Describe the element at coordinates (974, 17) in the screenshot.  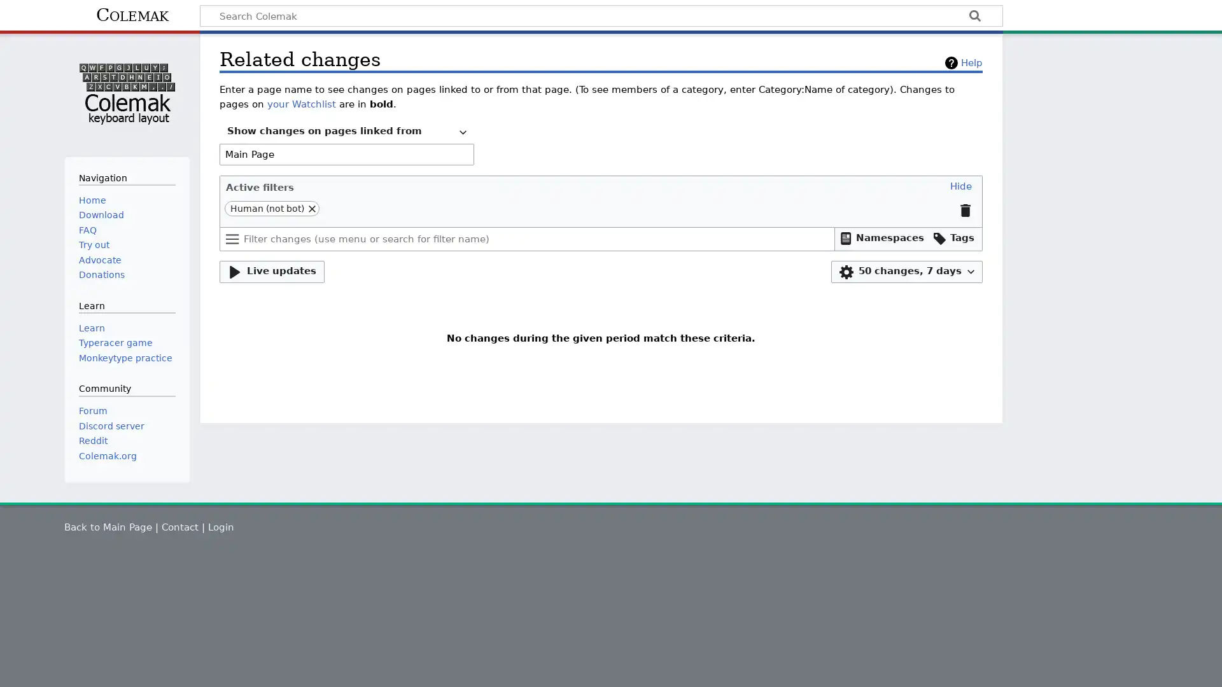
I see `Search` at that location.